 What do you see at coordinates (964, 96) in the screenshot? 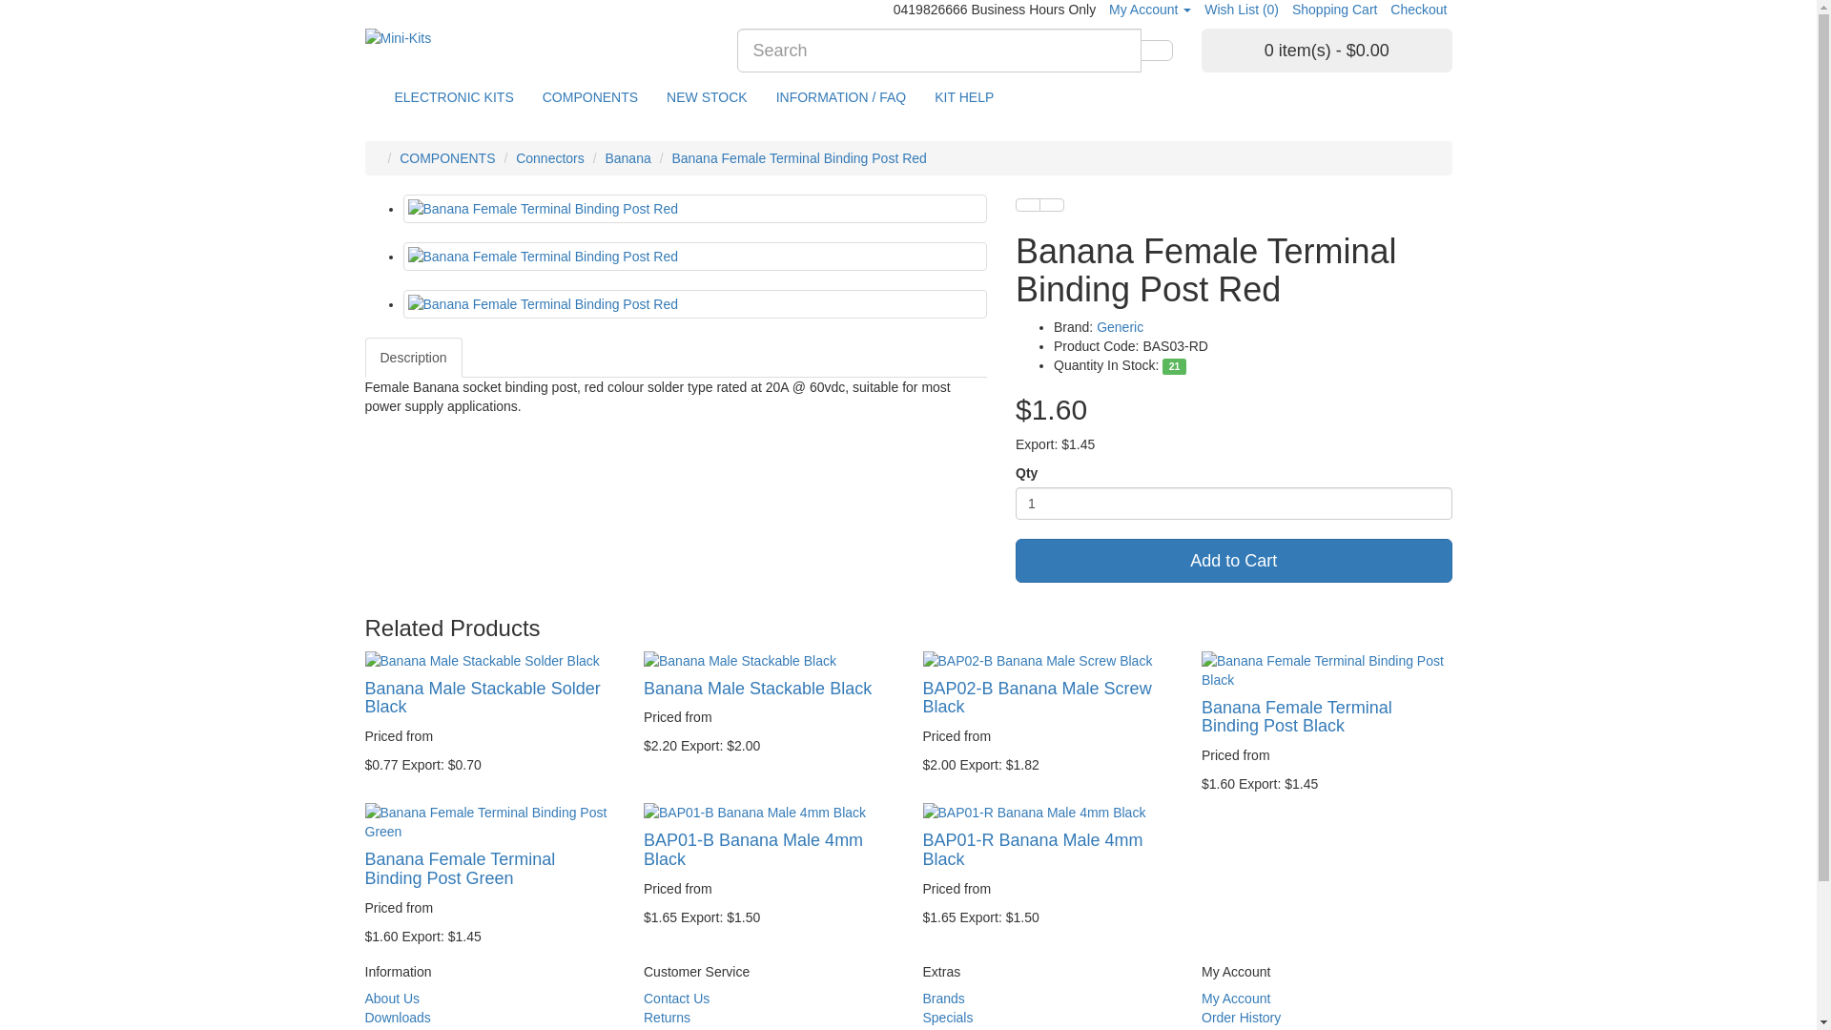
I see `'KIT HELP'` at bounding box center [964, 96].